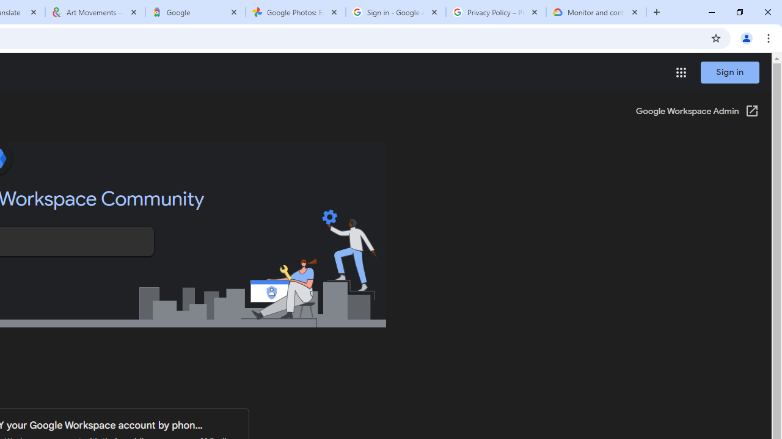 This screenshot has width=782, height=439. What do you see at coordinates (712, 12) in the screenshot?
I see `'Minimize'` at bounding box center [712, 12].